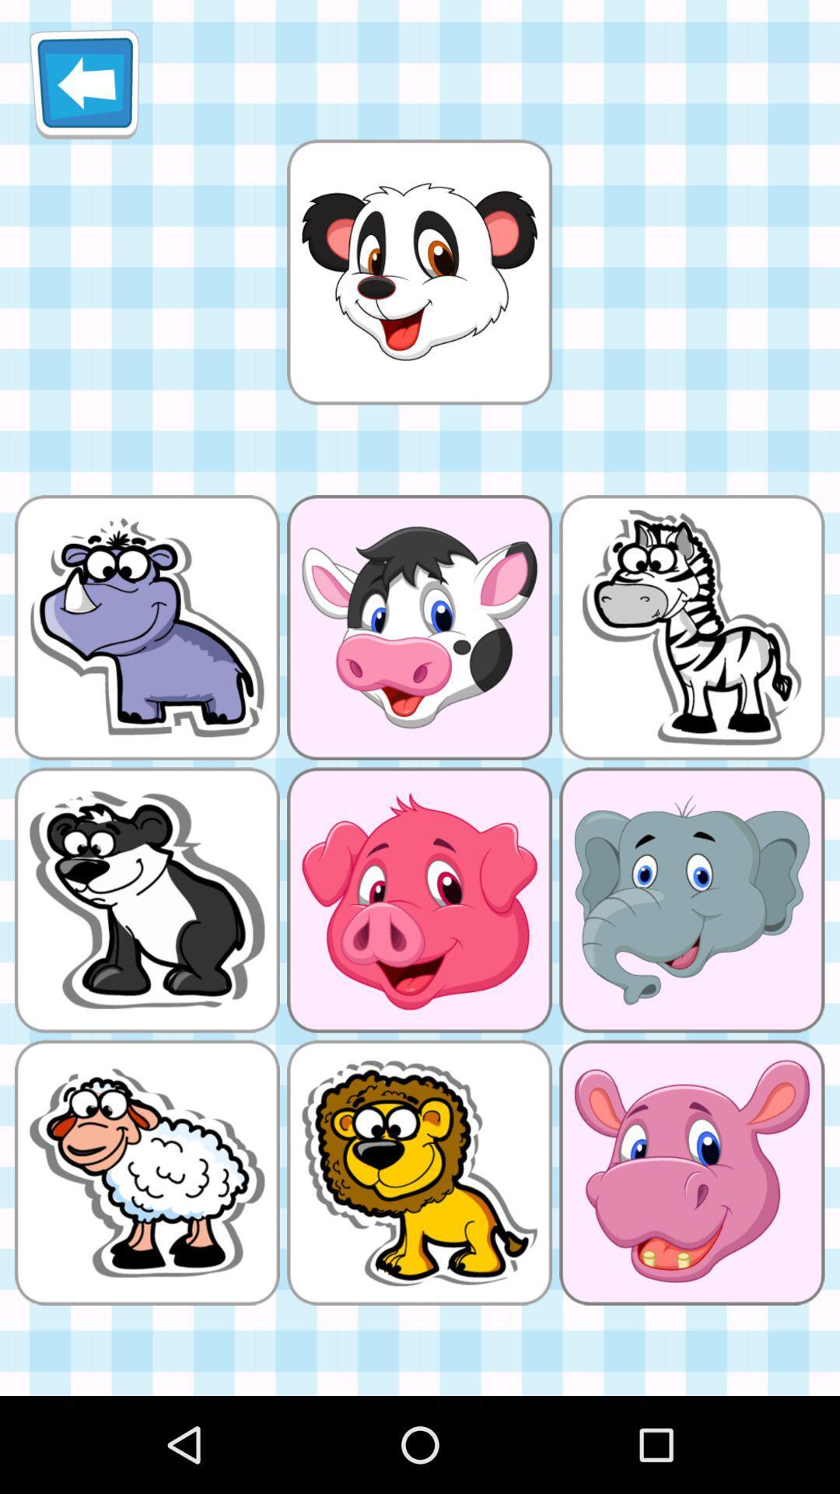 This screenshot has width=840, height=1494. I want to click on the arrow_backward icon, so click(84, 89).